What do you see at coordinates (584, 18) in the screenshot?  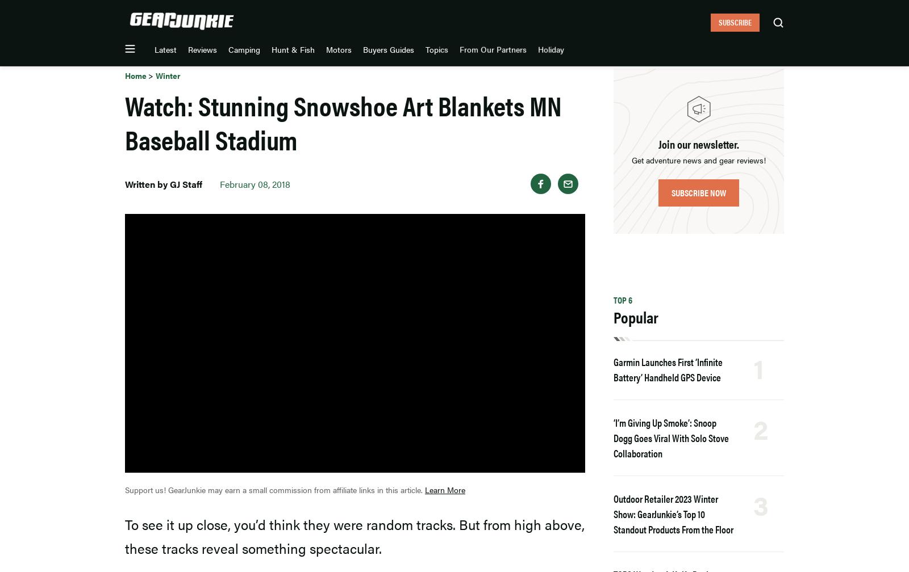 I see `'From Our Partners'` at bounding box center [584, 18].